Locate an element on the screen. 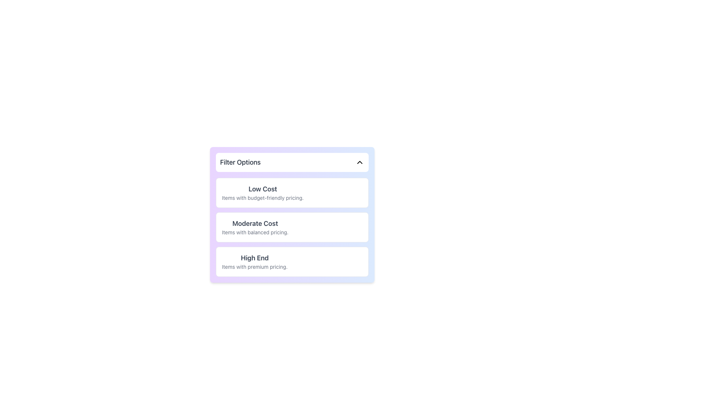  to select the 'High End' filter option in the filter list, which is the third item and located centrally inside a white rectangle with rounded corners is located at coordinates (254, 261).